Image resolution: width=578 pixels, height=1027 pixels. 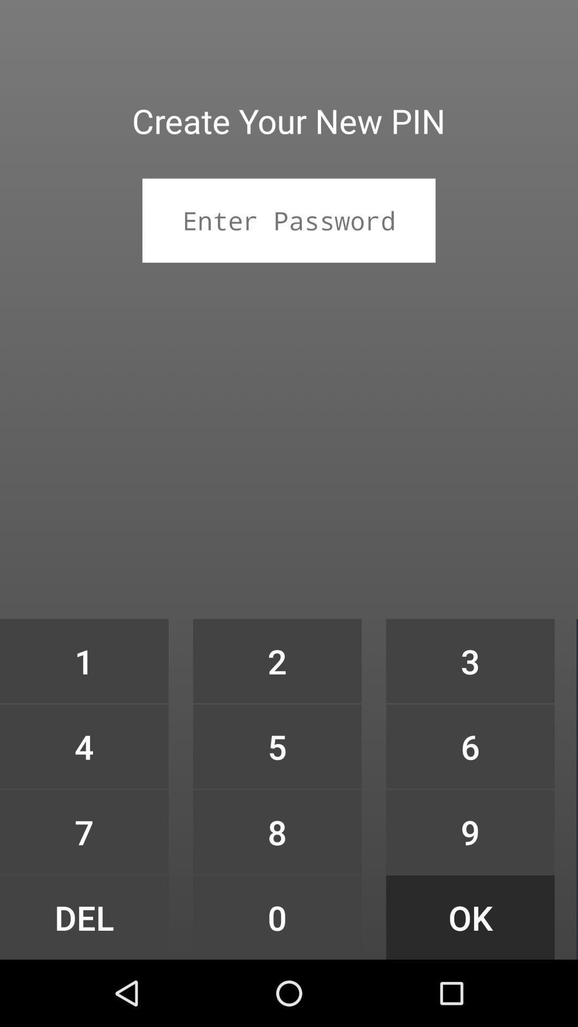 What do you see at coordinates (289, 220) in the screenshot?
I see `input the password` at bounding box center [289, 220].